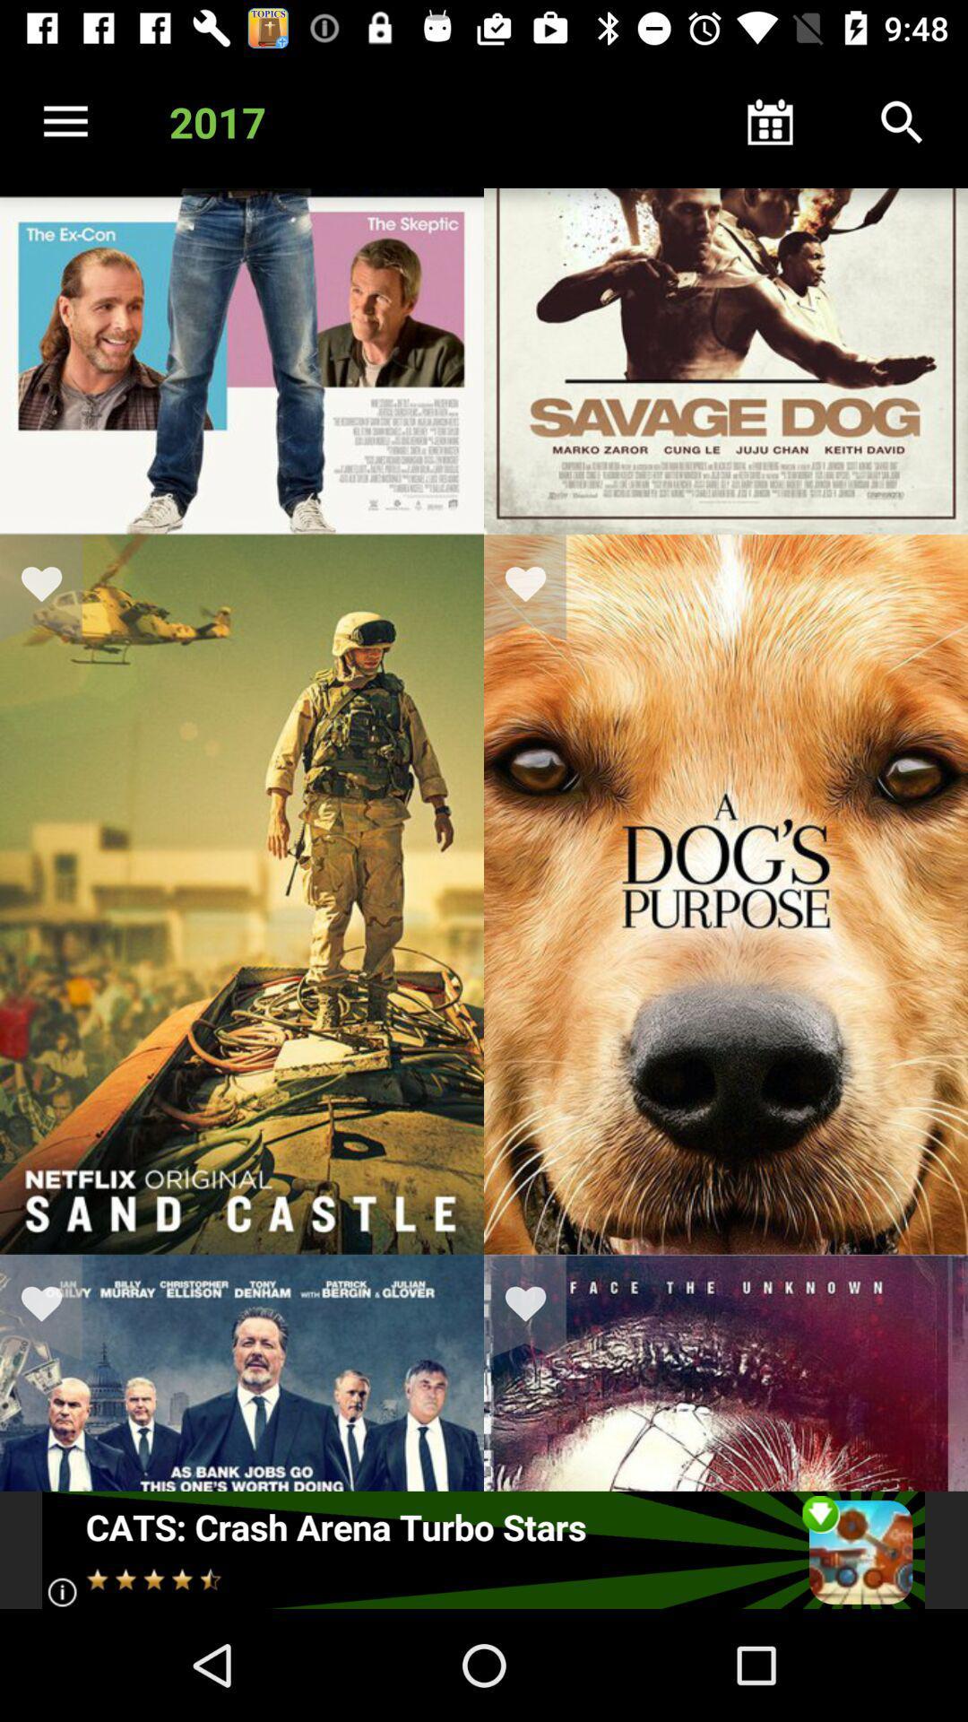 This screenshot has width=968, height=1722. What do you see at coordinates (52, 587) in the screenshot?
I see `this option` at bounding box center [52, 587].